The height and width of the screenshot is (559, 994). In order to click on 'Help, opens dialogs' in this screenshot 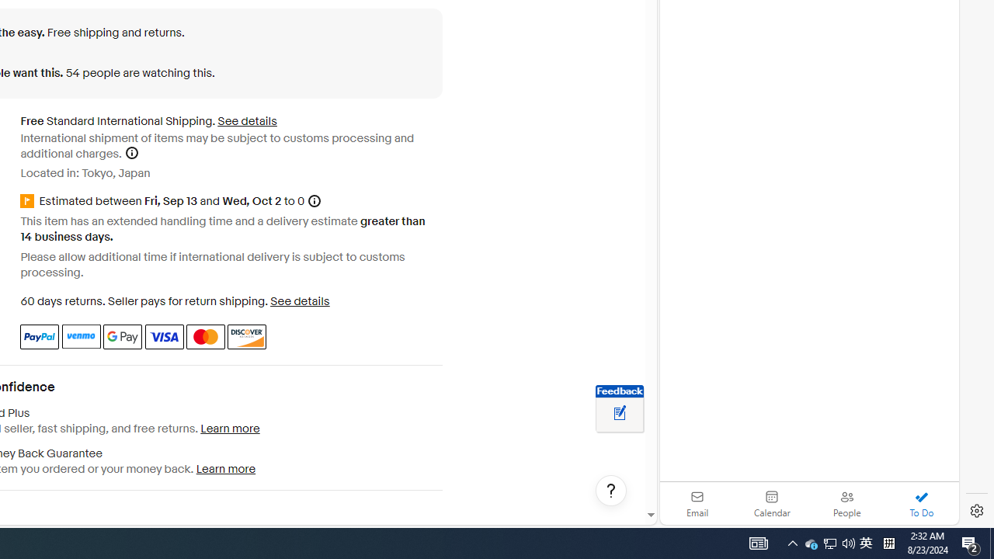, I will do `click(610, 491)`.